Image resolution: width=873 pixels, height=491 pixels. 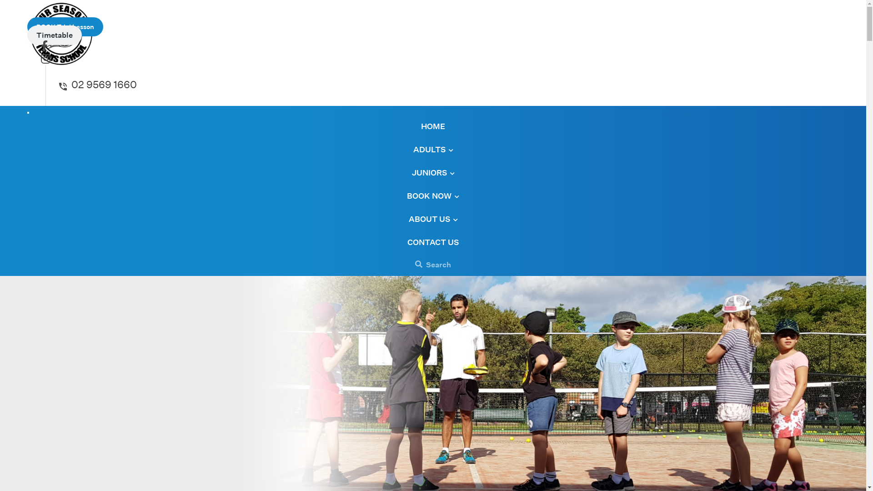 I want to click on 'Search', so click(x=432, y=265).